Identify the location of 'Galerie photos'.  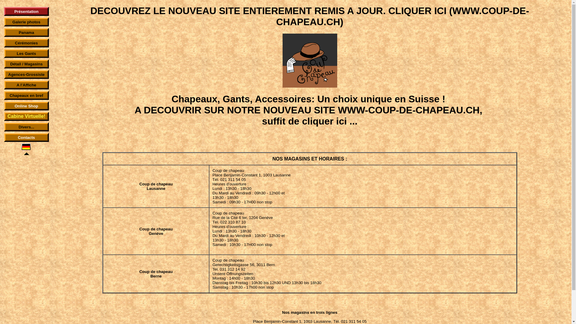
(12, 22).